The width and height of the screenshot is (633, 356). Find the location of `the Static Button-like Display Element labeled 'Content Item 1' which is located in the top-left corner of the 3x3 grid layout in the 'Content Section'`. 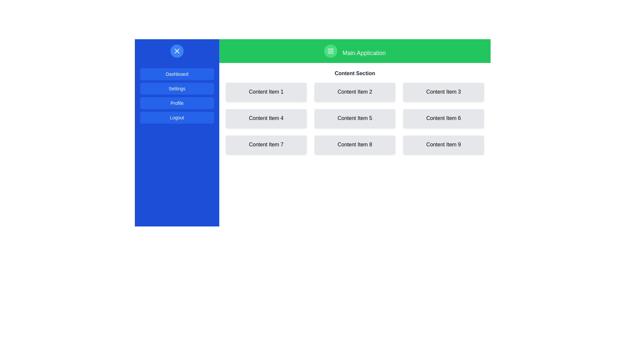

the Static Button-like Display Element labeled 'Content Item 1' which is located in the top-left corner of the 3x3 grid layout in the 'Content Section' is located at coordinates (266, 92).